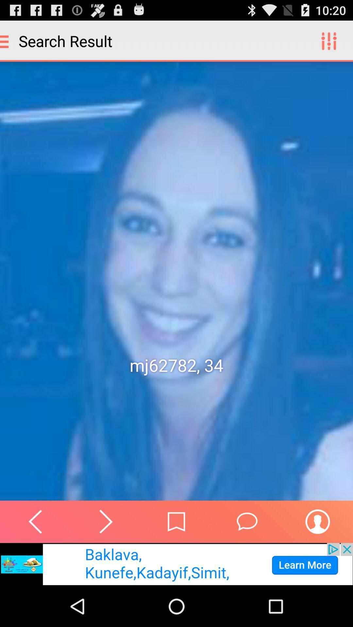  I want to click on advance next, so click(106, 521).